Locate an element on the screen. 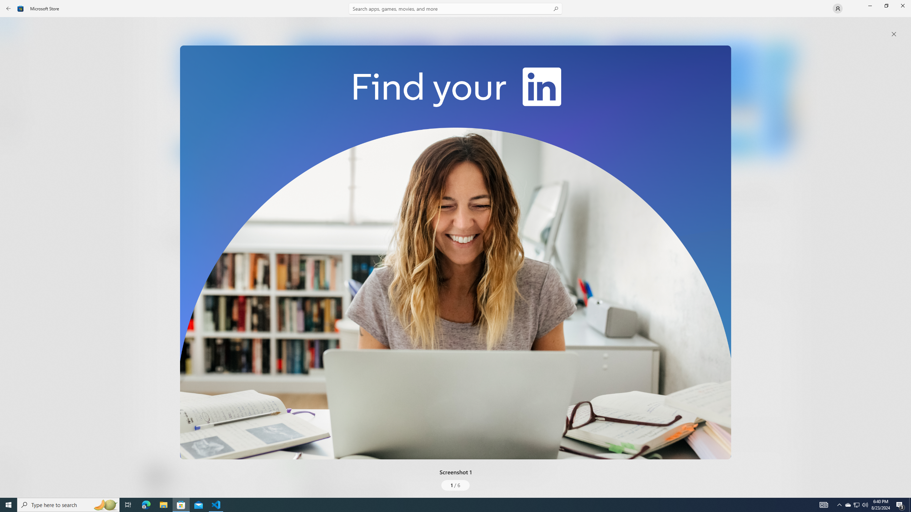 The width and height of the screenshot is (911, 512). 'Home' is located at coordinates (12, 28).